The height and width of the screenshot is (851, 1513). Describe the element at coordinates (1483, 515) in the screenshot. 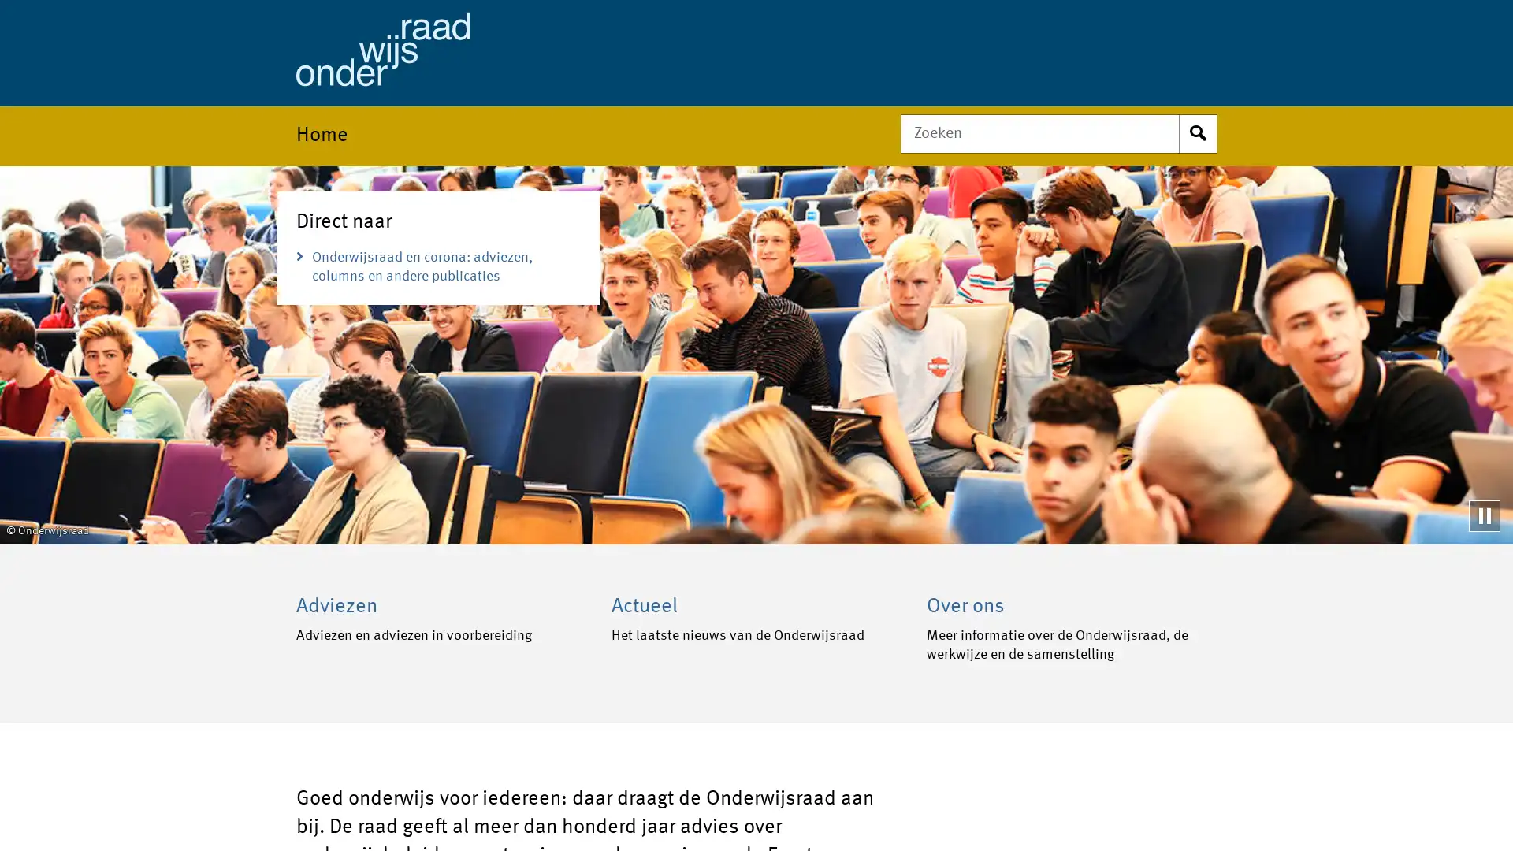

I see `Pauzeer diashow` at that location.